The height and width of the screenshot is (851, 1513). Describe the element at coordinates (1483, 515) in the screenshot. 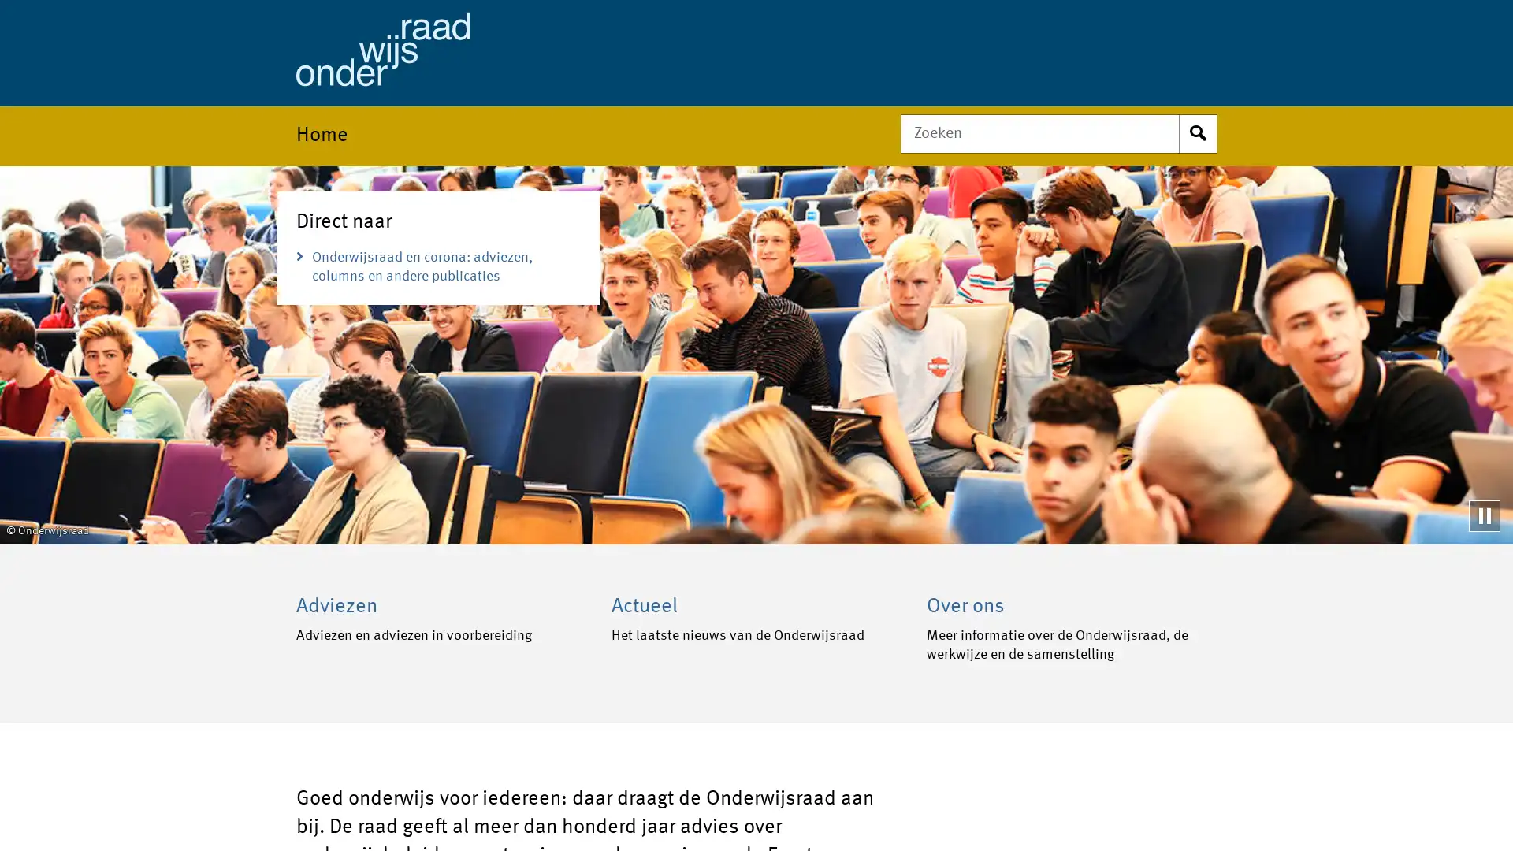

I see `Pauzeer diashow` at that location.